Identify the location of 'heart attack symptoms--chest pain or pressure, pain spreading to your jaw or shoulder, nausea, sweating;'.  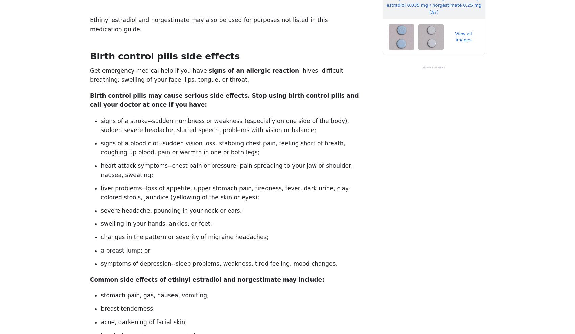
(227, 170).